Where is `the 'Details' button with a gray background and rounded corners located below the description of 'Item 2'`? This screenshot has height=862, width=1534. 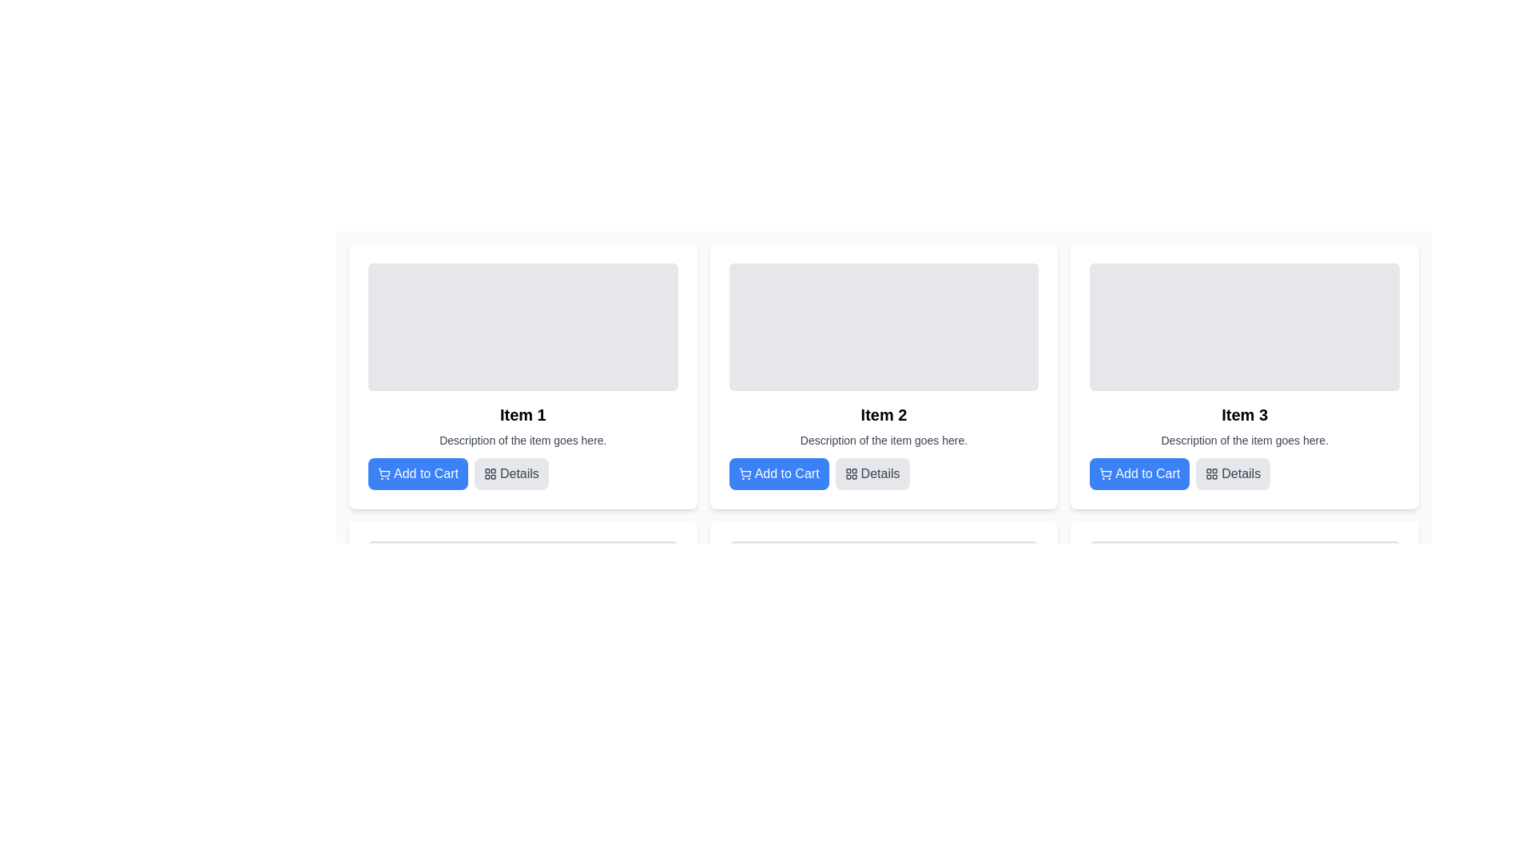 the 'Details' button with a gray background and rounded corners located below the description of 'Item 2' is located at coordinates (883, 473).